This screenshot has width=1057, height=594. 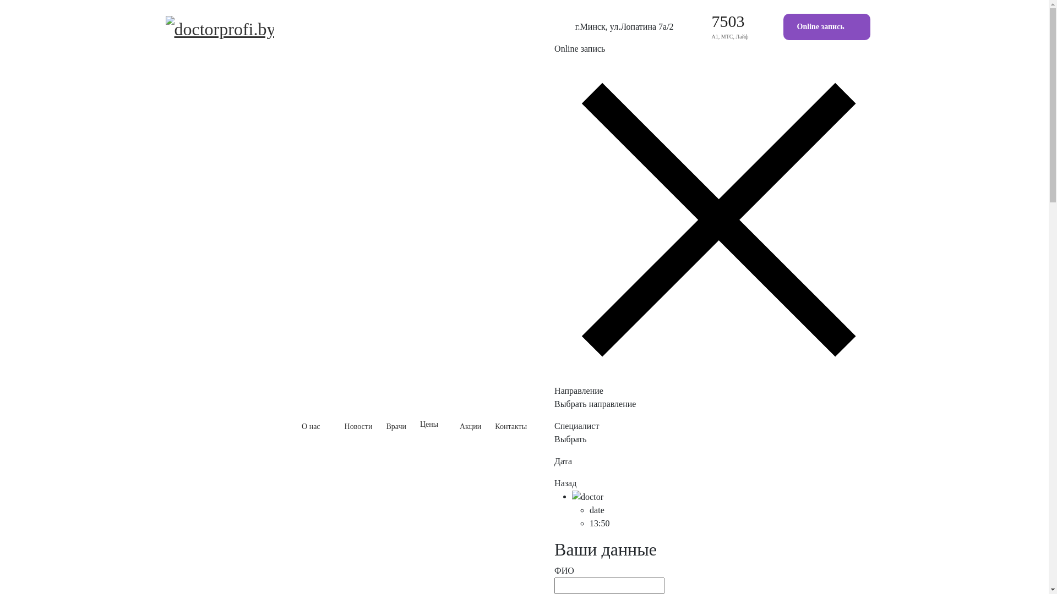 I want to click on '7503', so click(x=728, y=21).